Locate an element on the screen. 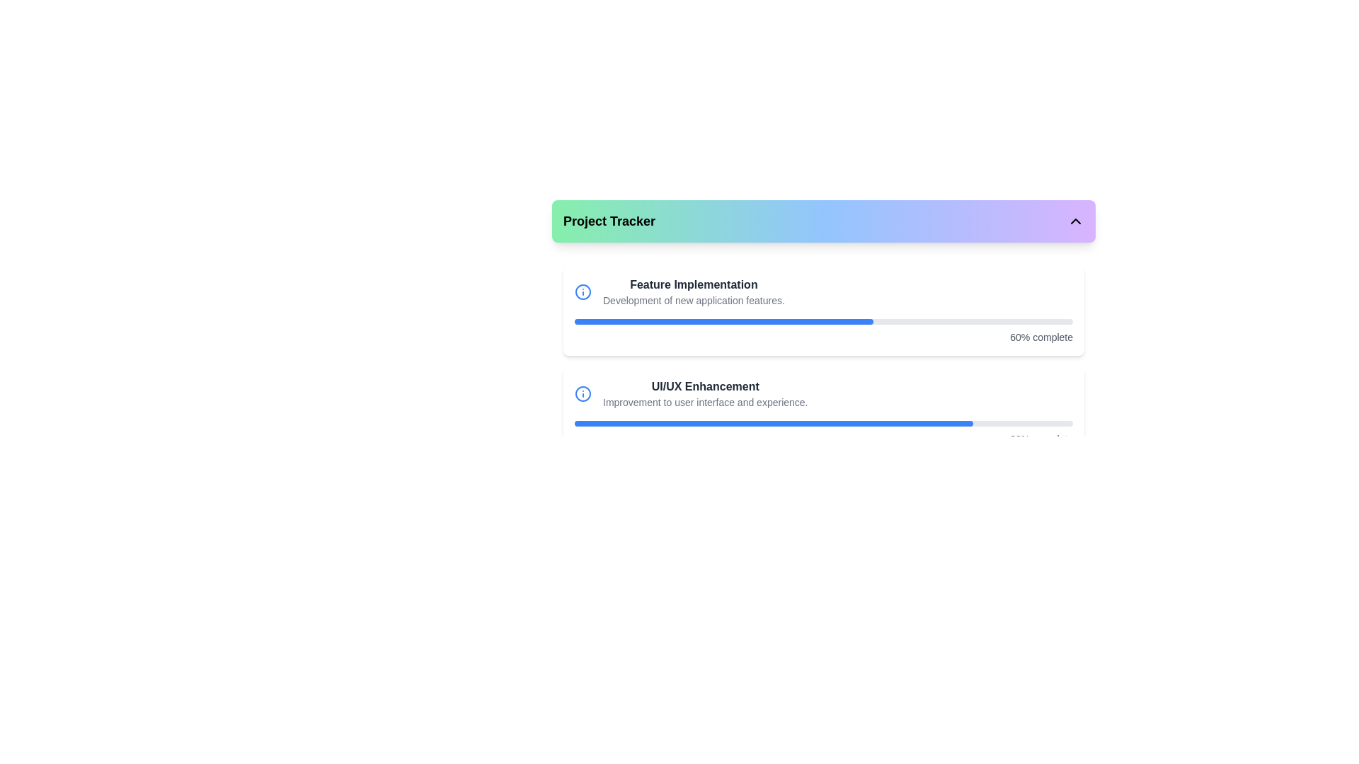 The width and height of the screenshot is (1359, 764). the informational icon located at the leftmost side of the row containing the text 'UI/UX Enhancement' is located at coordinates (583, 393).